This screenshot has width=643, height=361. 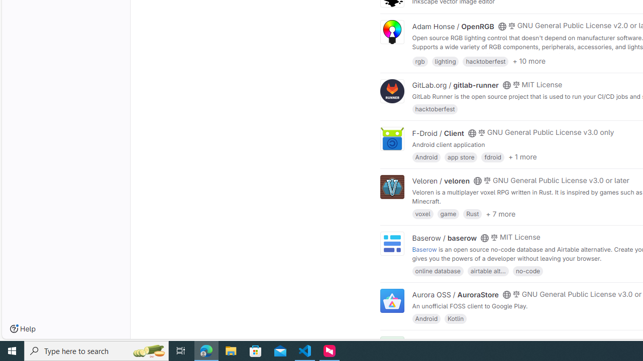 I want to click on 'game', so click(x=448, y=213).